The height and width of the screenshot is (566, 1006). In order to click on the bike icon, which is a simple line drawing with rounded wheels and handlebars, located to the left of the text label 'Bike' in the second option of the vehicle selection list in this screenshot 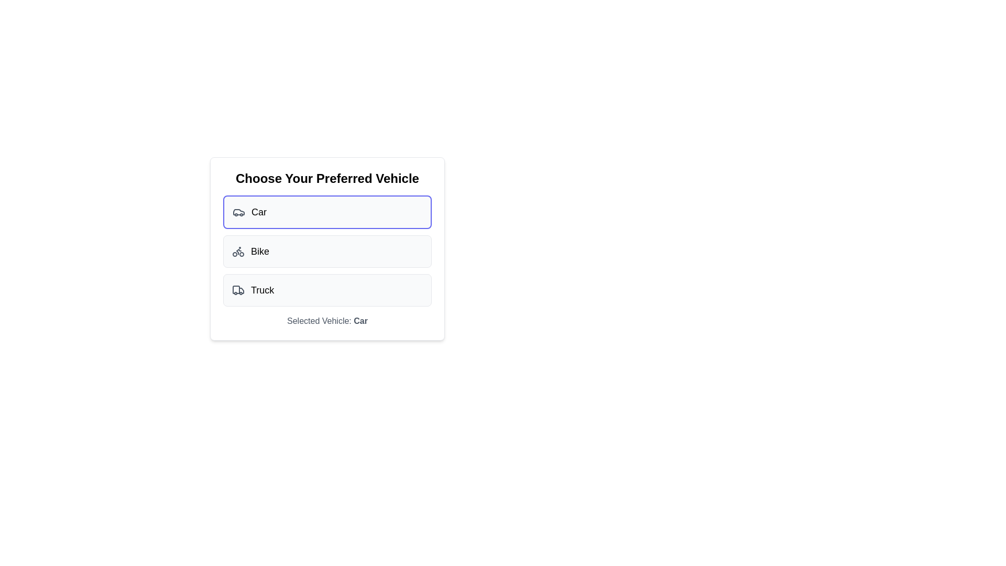, I will do `click(238, 251)`.